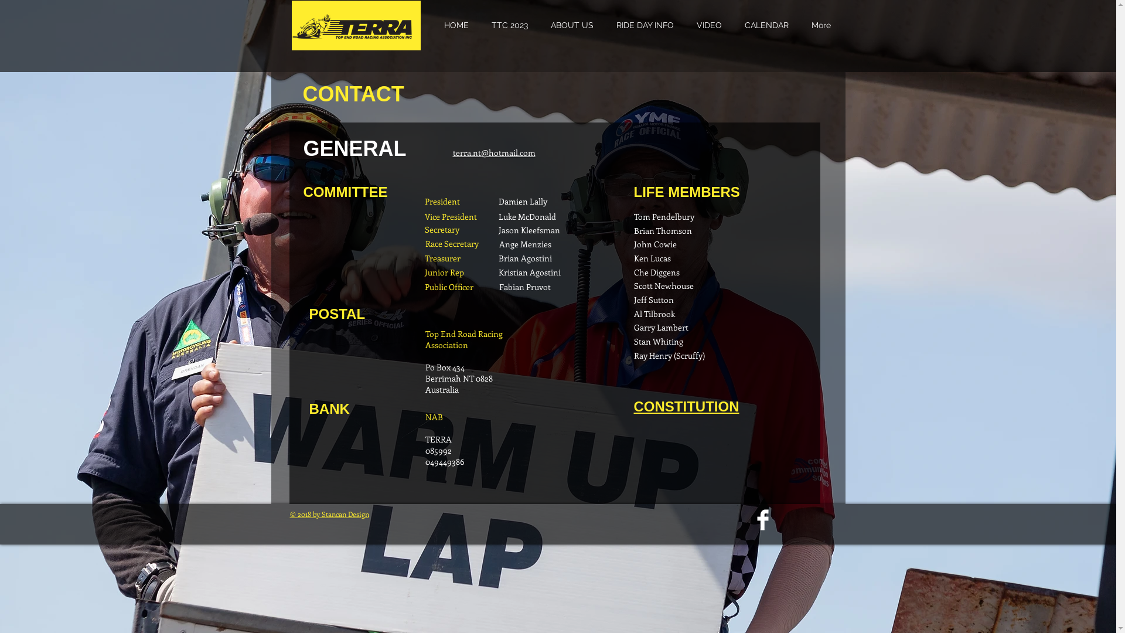  I want to click on 'RIDE DAY INFO', so click(644, 25).